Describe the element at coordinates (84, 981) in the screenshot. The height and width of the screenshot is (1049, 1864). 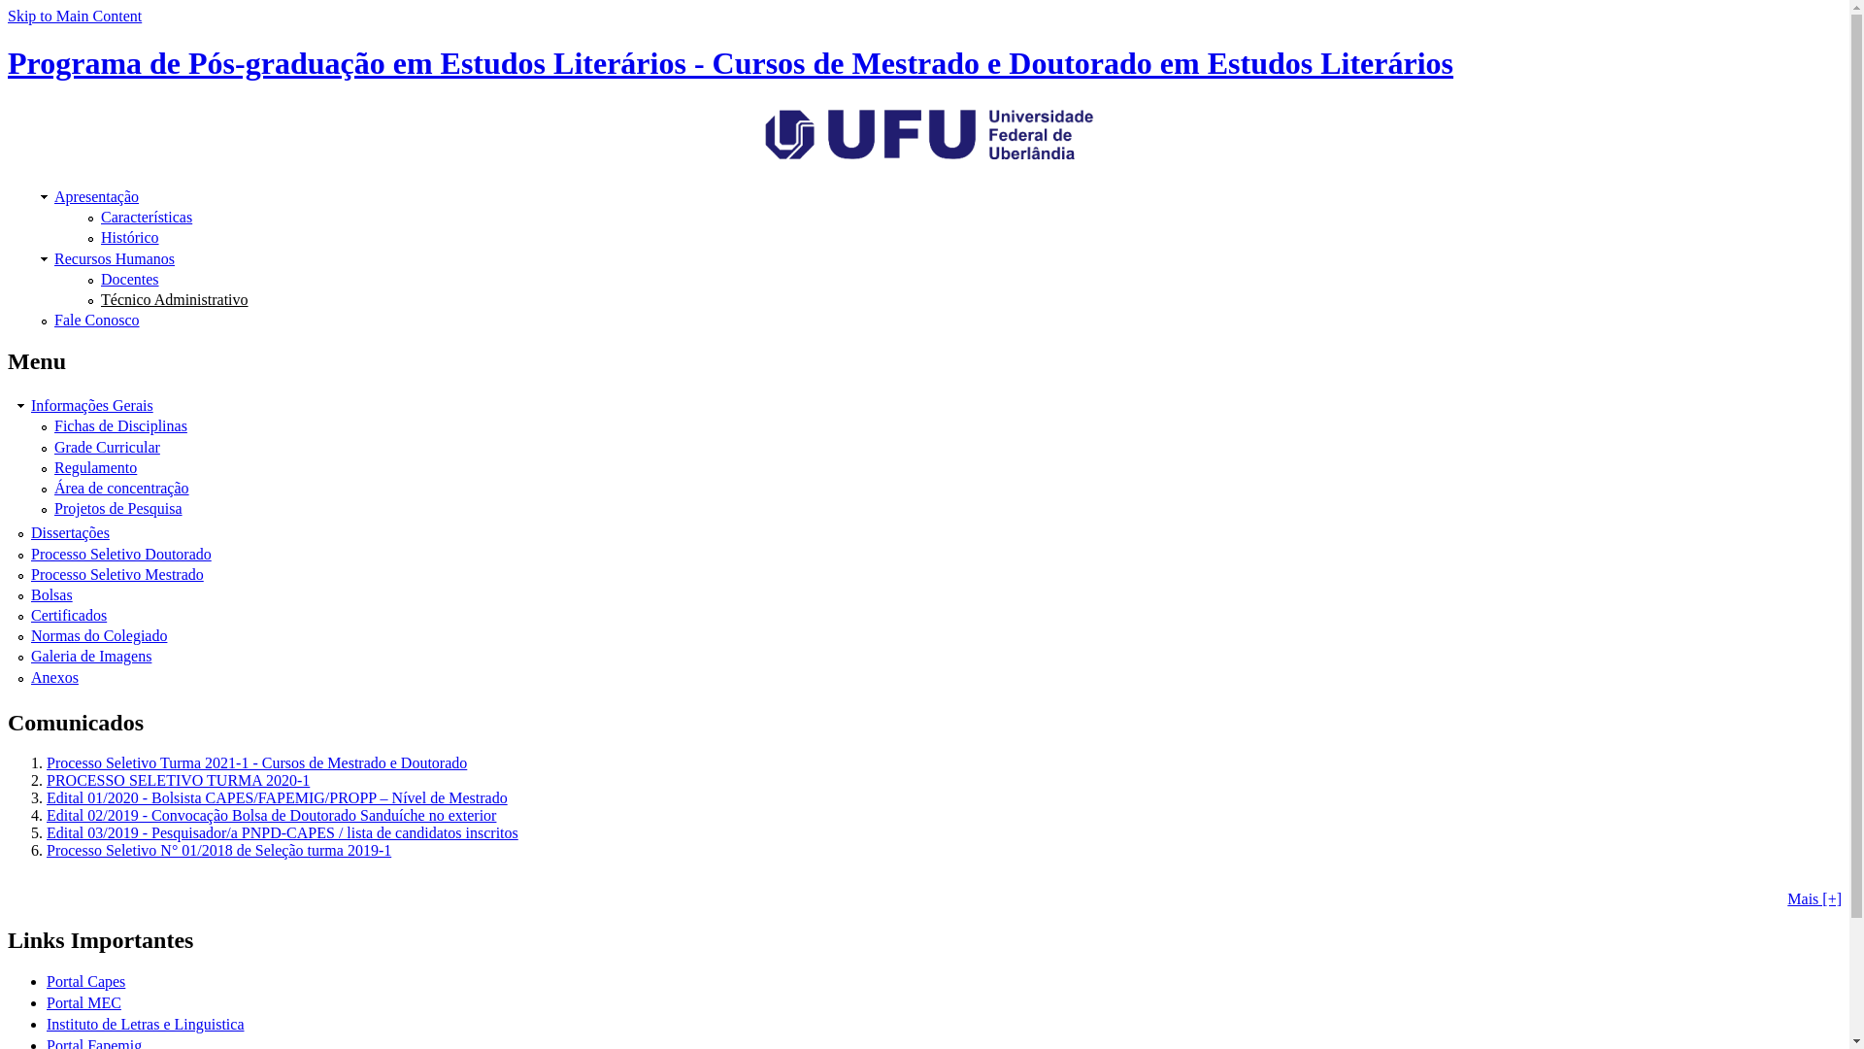
I see `'Portal Capes'` at that location.